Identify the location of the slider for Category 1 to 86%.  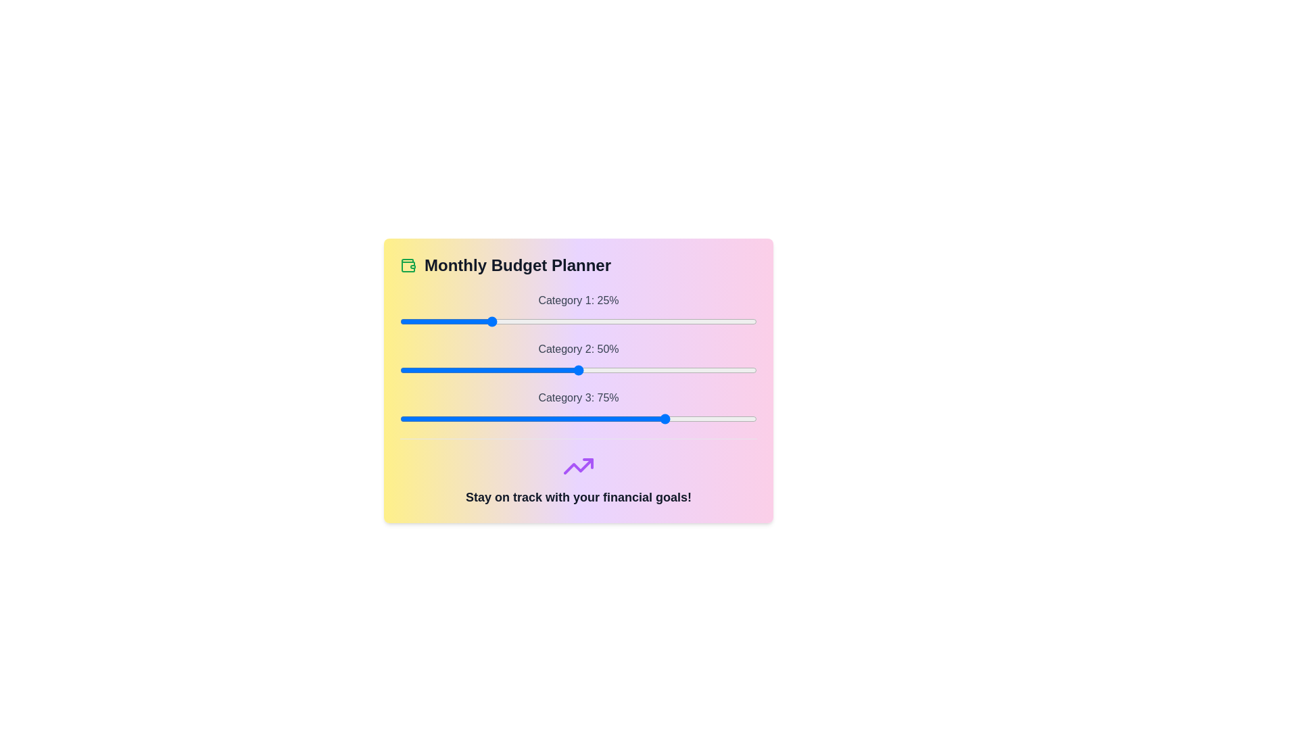
(706, 321).